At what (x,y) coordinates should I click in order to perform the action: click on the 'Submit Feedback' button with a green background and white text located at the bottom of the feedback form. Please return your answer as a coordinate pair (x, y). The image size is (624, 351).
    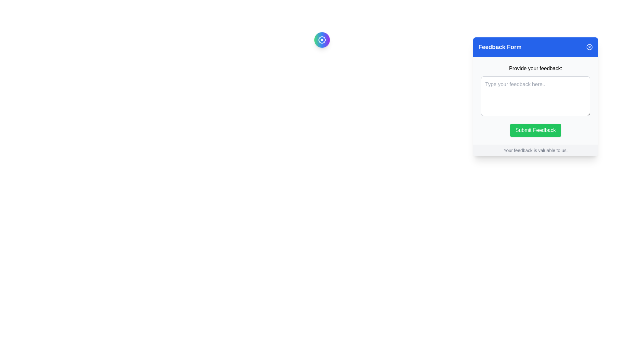
    Looking at the image, I should click on (535, 130).